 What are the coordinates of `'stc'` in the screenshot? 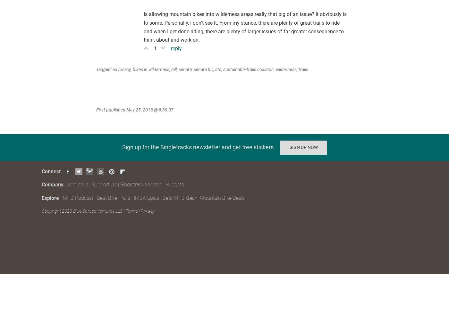 It's located at (215, 69).